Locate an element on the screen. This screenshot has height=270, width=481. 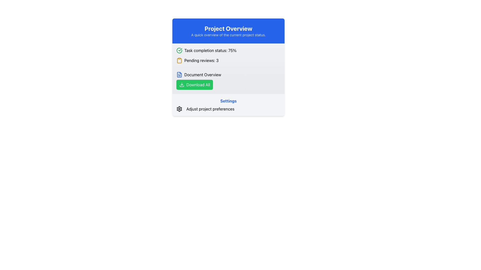
text label displaying 'Pending reviews: 3' which is located next to a yellow clipboard icon in the card UI is located at coordinates (201, 60).